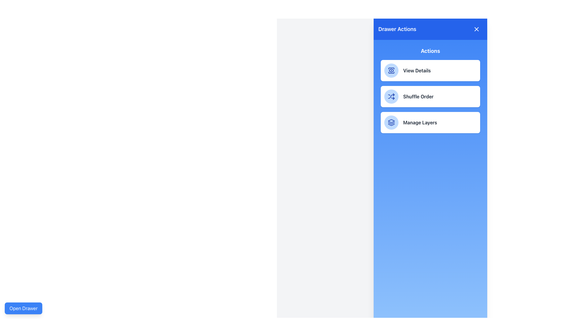  What do you see at coordinates (430, 96) in the screenshot?
I see `the 'Shuffle Order' button, which is the second button in the vertical list within the 'Drawer Actions' panel, featuring gray text on a white background and a blue icon to the left` at bounding box center [430, 96].